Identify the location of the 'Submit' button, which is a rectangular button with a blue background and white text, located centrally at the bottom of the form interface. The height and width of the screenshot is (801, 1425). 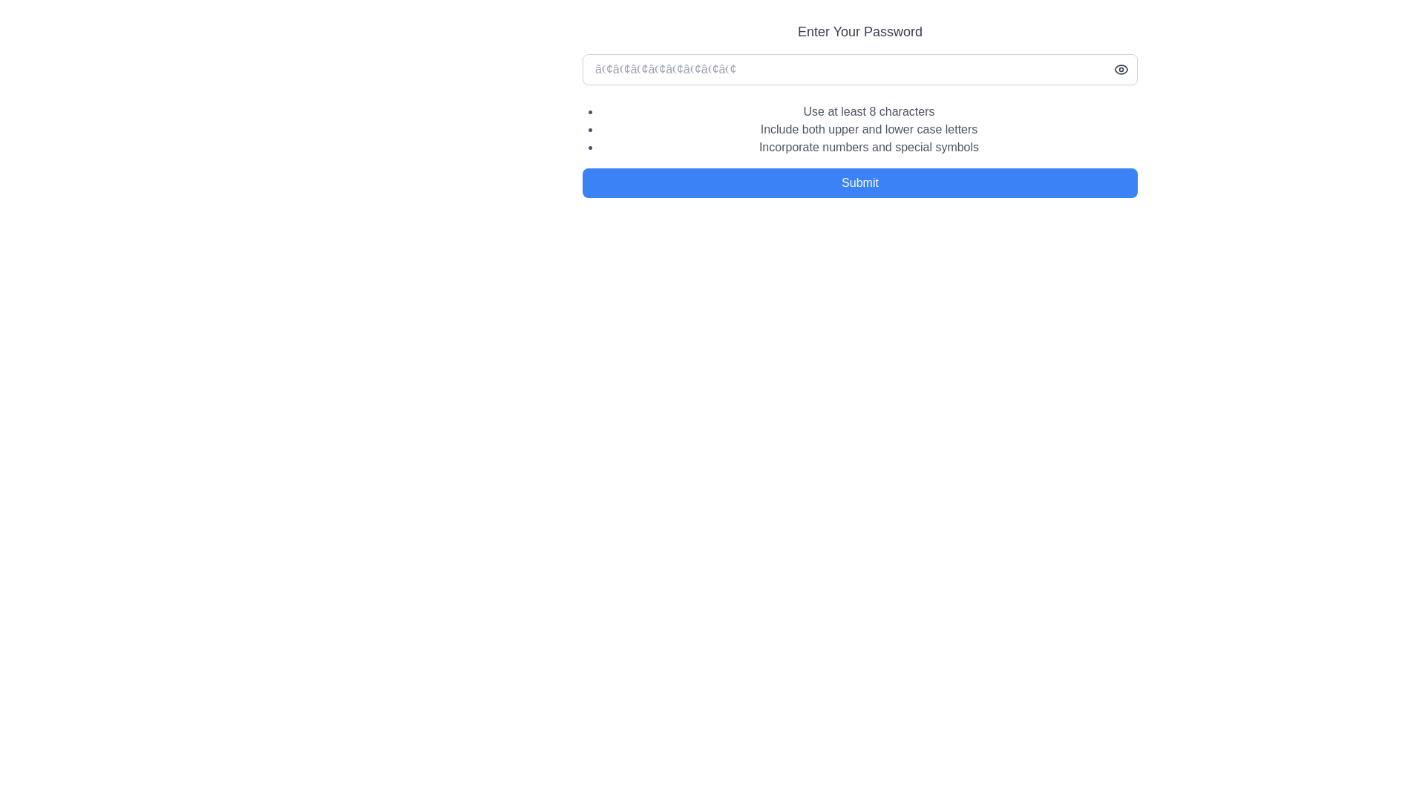
(859, 182).